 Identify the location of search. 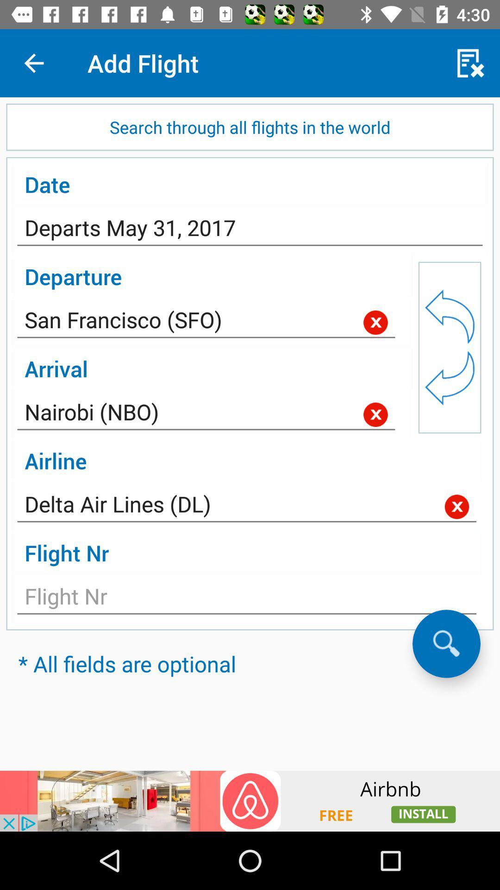
(446, 643).